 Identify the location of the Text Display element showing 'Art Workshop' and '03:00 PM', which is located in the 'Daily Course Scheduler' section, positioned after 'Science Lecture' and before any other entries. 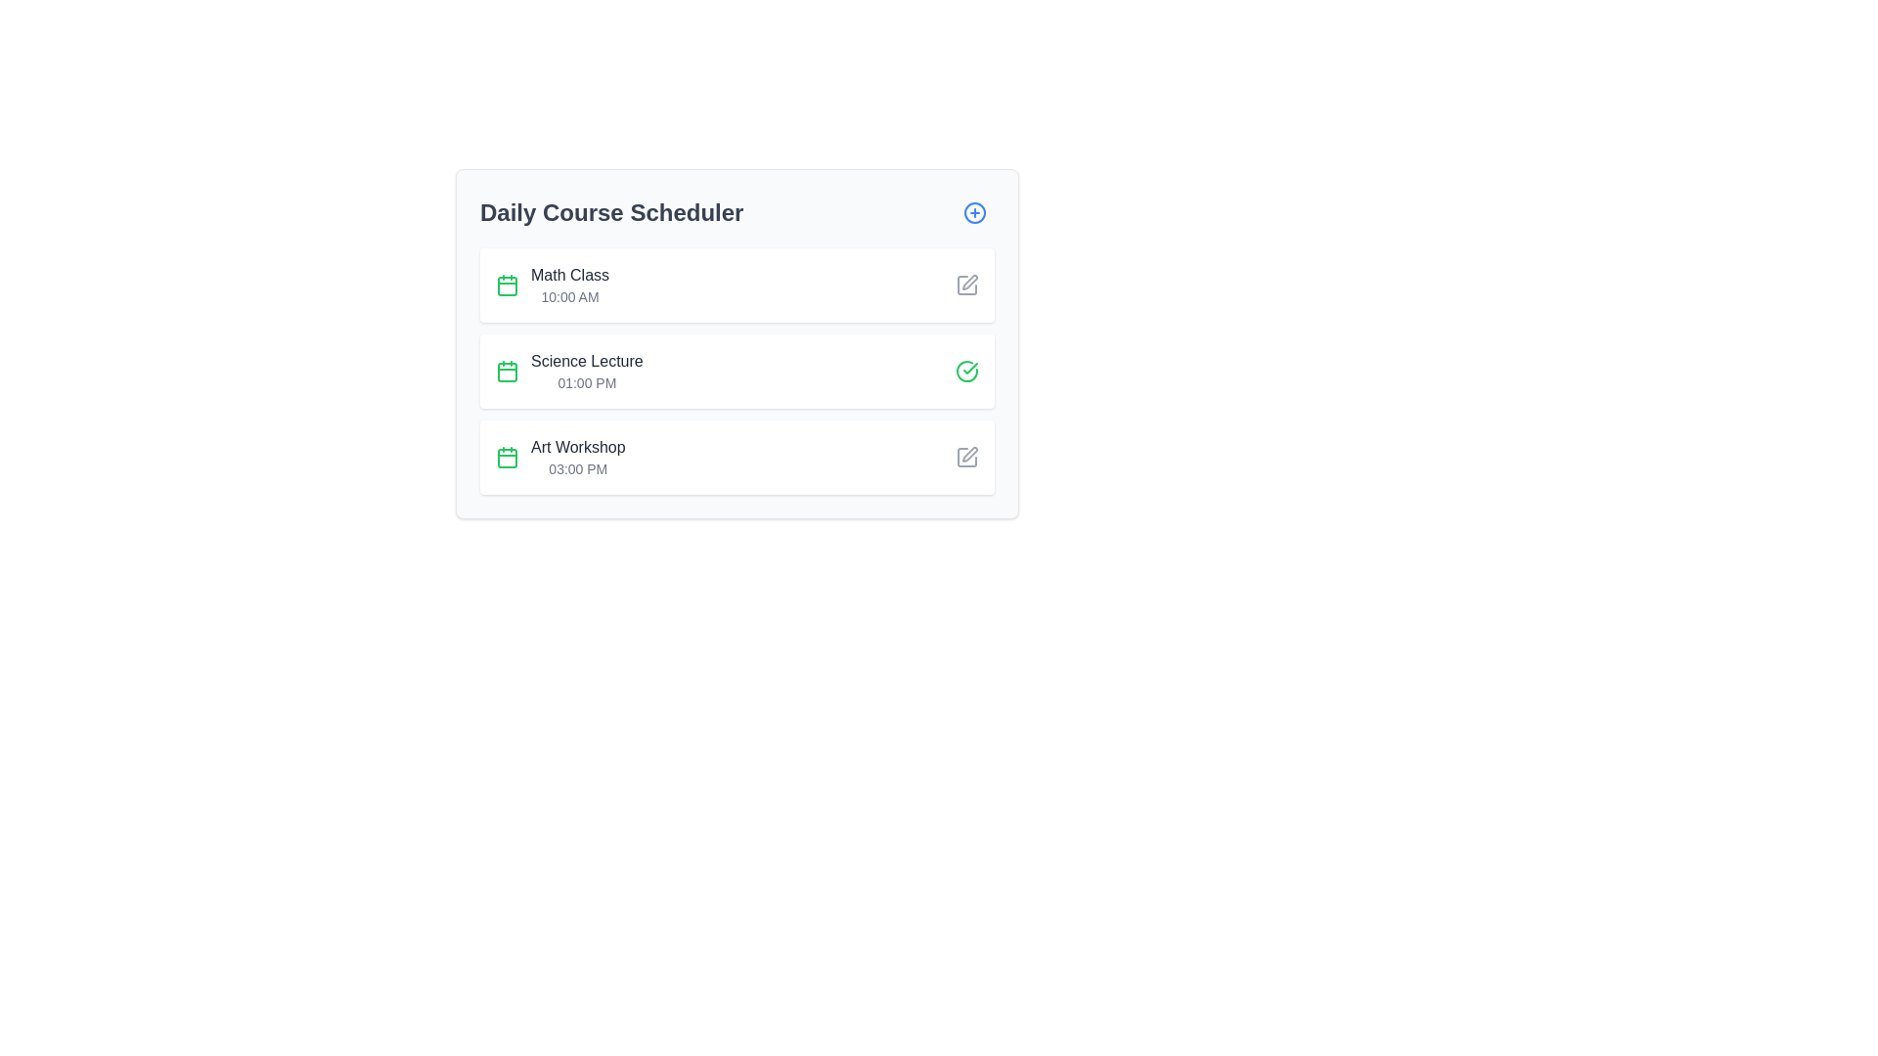
(577, 457).